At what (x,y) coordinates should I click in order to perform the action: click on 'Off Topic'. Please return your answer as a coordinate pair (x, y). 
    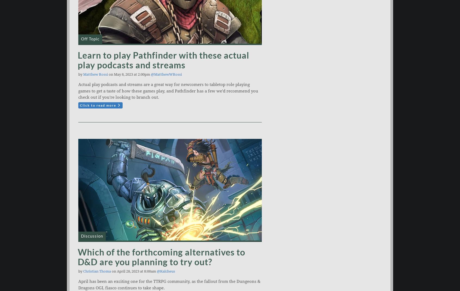
    Looking at the image, I should click on (90, 39).